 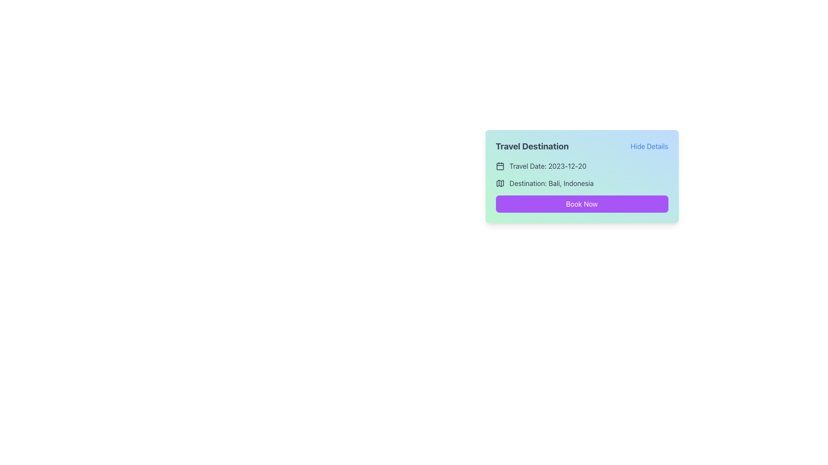 What do you see at coordinates (500, 183) in the screenshot?
I see `the location/map icon that is located to the immediate left of the text 'Destination: Bali, Indonesia' within the travel destination card` at bounding box center [500, 183].